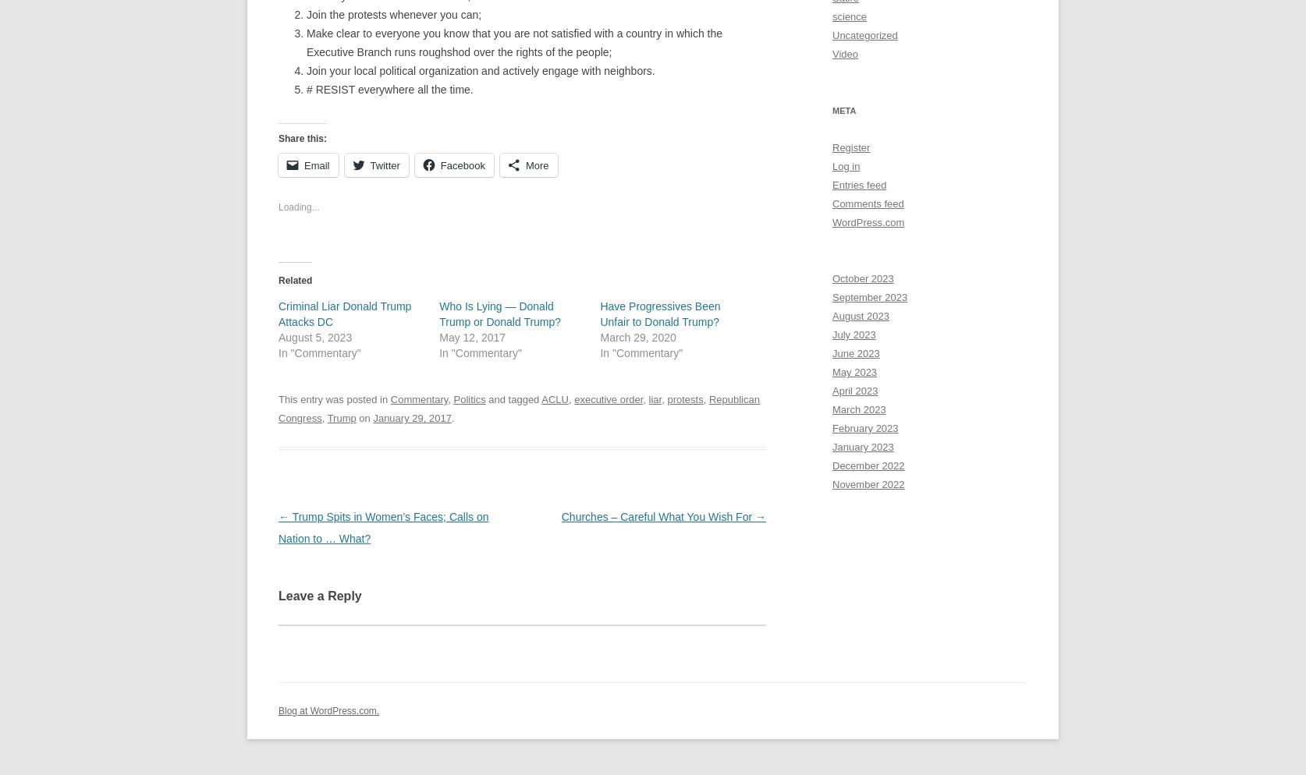 This screenshot has height=775, width=1306. What do you see at coordinates (514, 41) in the screenshot?
I see `'Make clear to everyone you know that you are not satisfied with a country in which the Executive Branch runs roughshod over the rights of the people;'` at bounding box center [514, 41].